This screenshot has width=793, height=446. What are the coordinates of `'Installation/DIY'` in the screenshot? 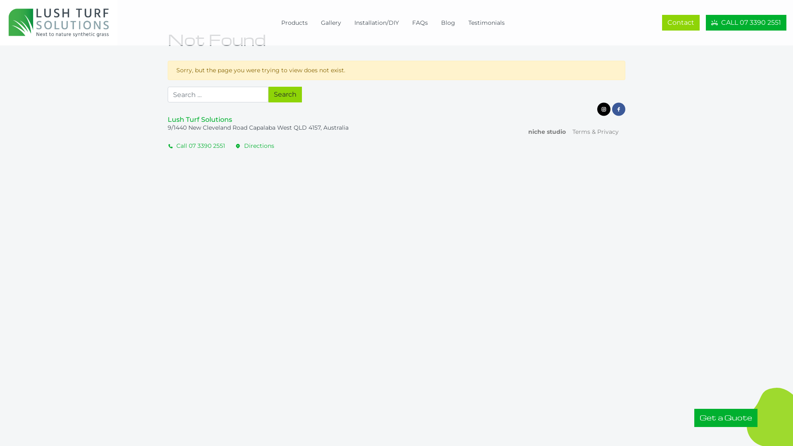 It's located at (376, 22).